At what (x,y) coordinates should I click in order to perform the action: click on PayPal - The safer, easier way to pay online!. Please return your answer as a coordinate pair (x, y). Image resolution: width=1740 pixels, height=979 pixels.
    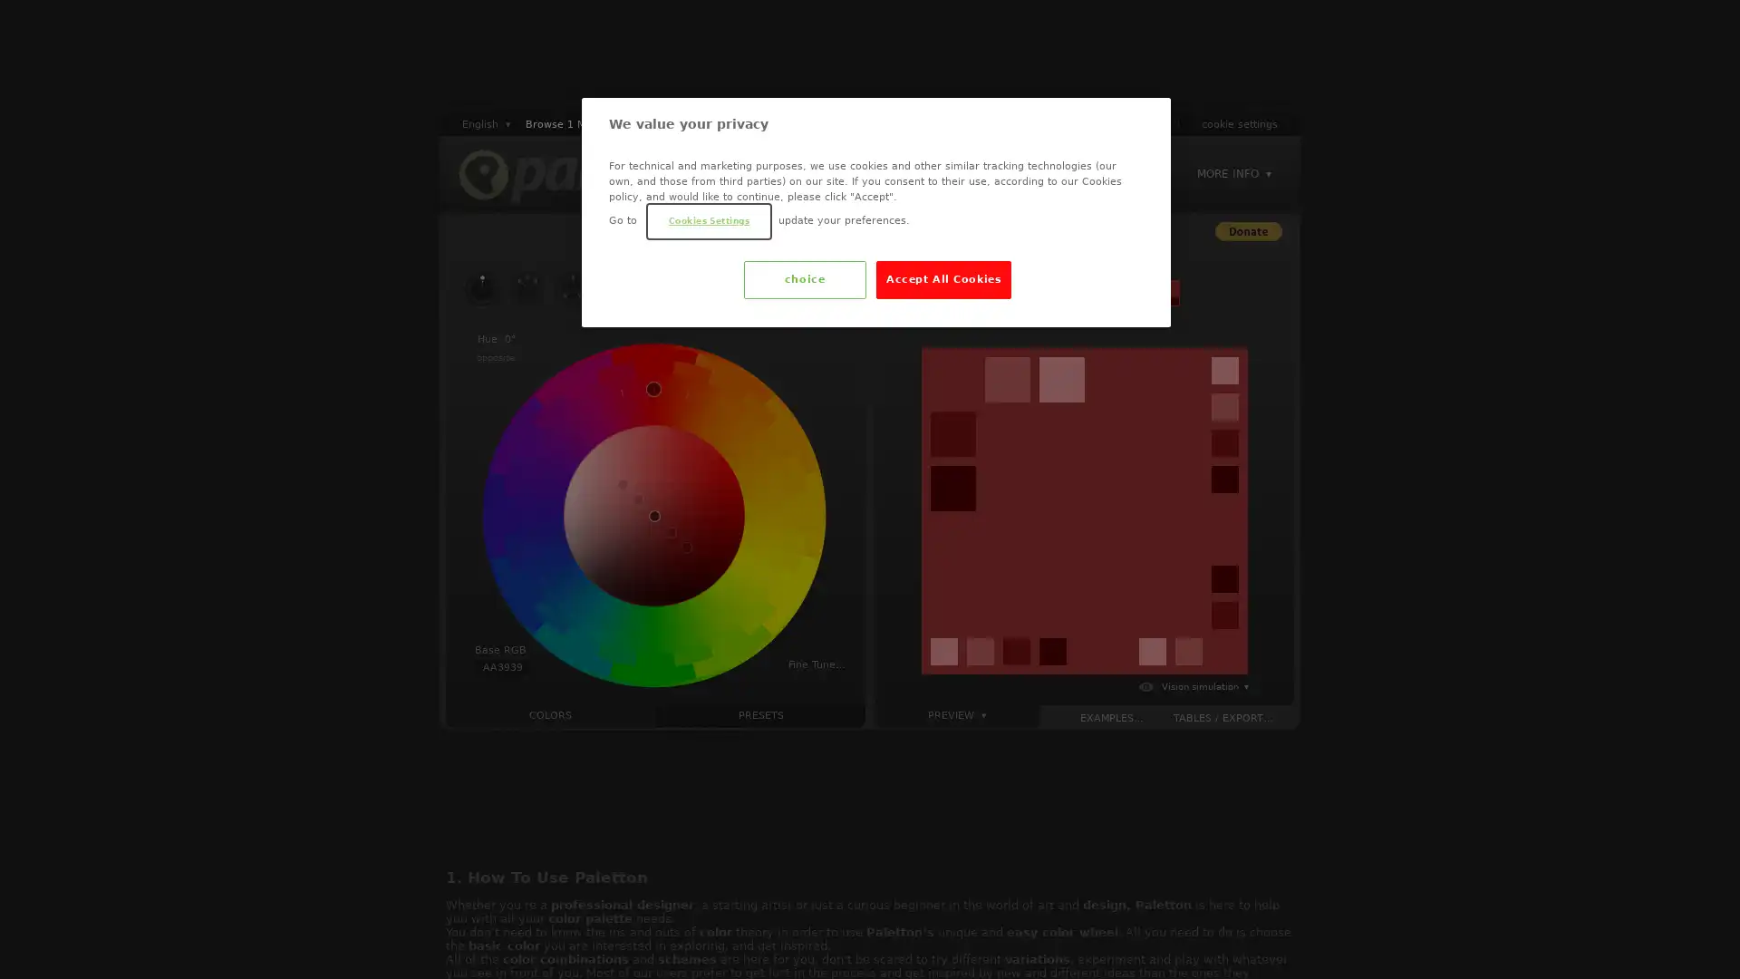
    Looking at the image, I should click on (1247, 230).